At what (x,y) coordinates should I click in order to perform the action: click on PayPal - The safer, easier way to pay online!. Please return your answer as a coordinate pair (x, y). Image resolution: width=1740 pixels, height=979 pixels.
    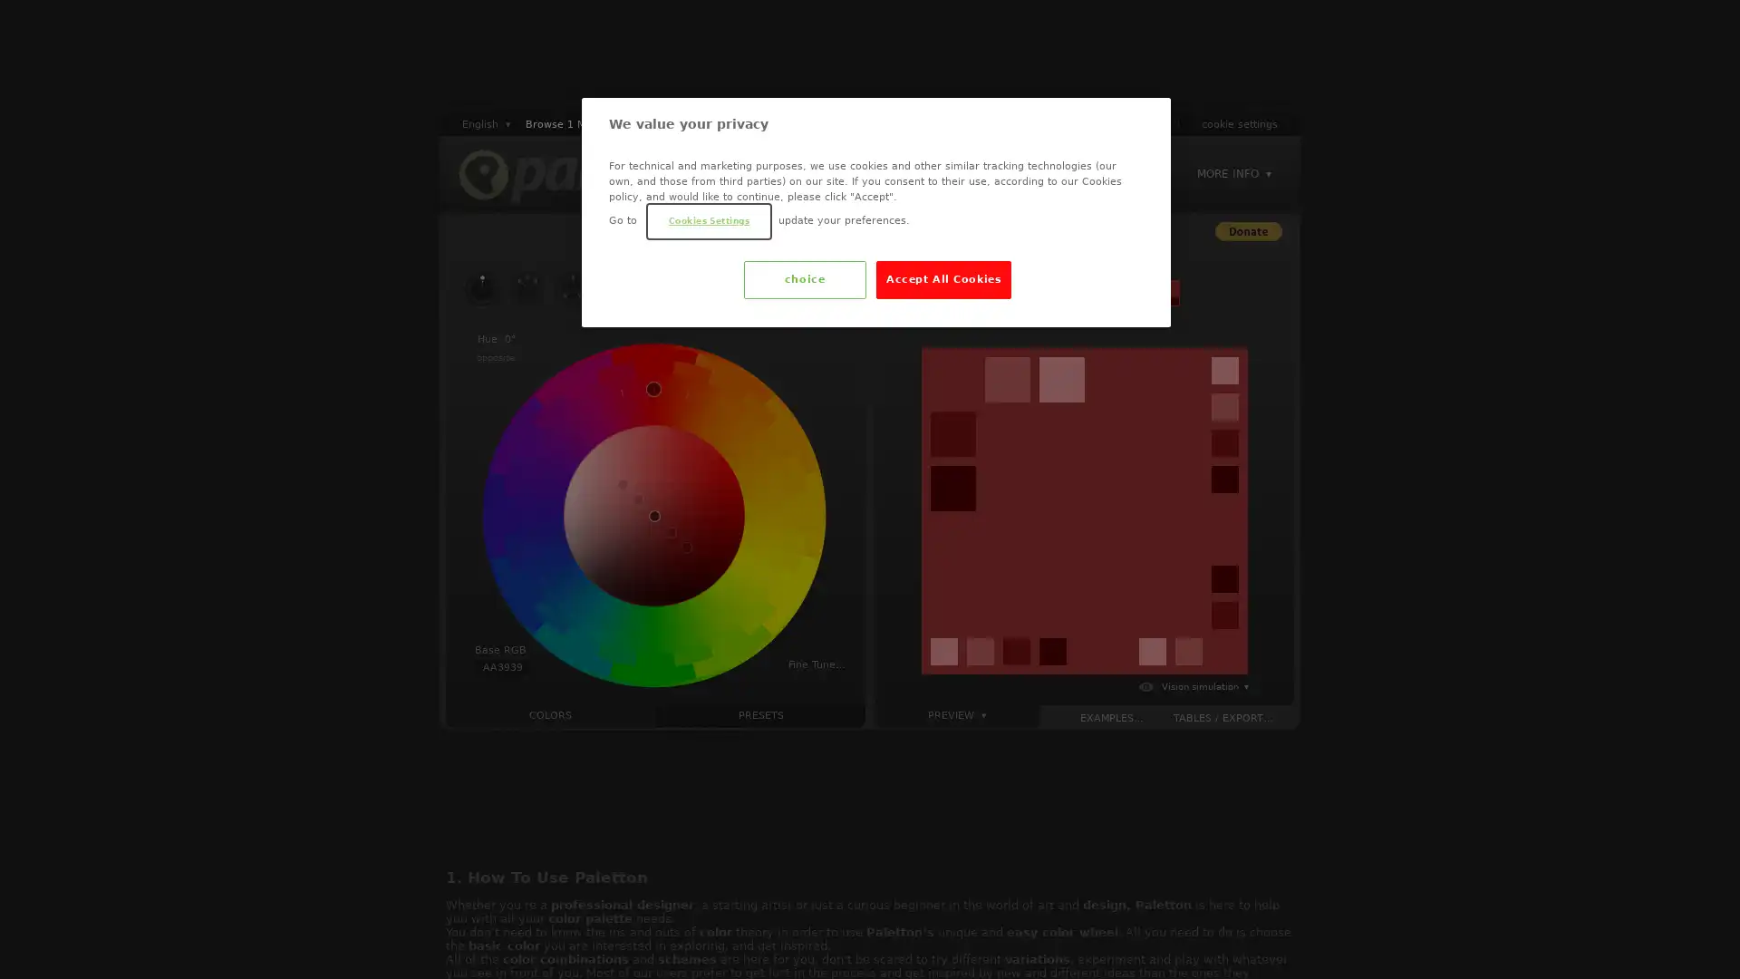
    Looking at the image, I should click on (1247, 230).